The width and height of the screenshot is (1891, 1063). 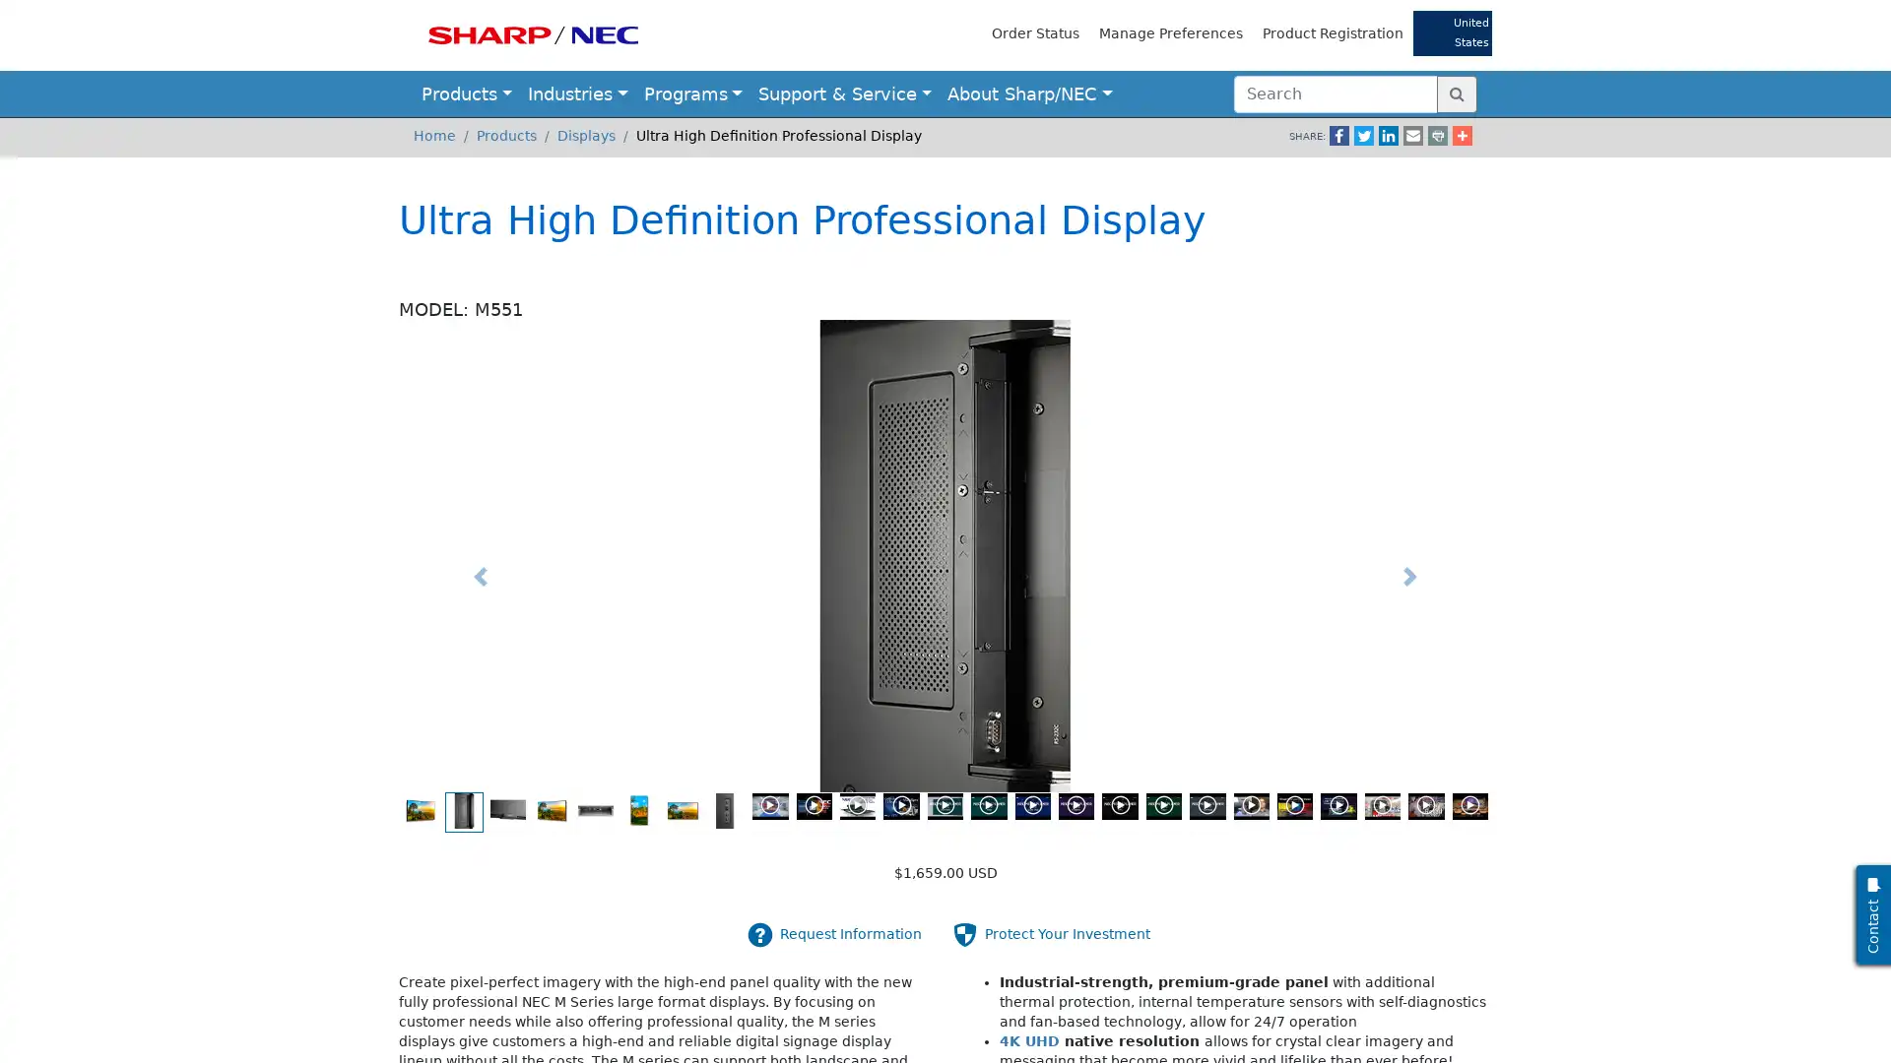 What do you see at coordinates (1432, 135) in the screenshot?
I see `Share to More` at bounding box center [1432, 135].